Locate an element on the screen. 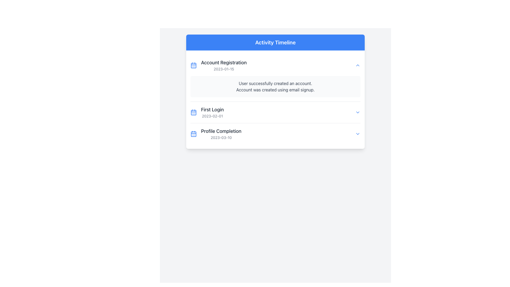 The image size is (510, 287). the second timeline entry which represents the 'First Login' activity in the user's activity timeline is located at coordinates (207, 112).